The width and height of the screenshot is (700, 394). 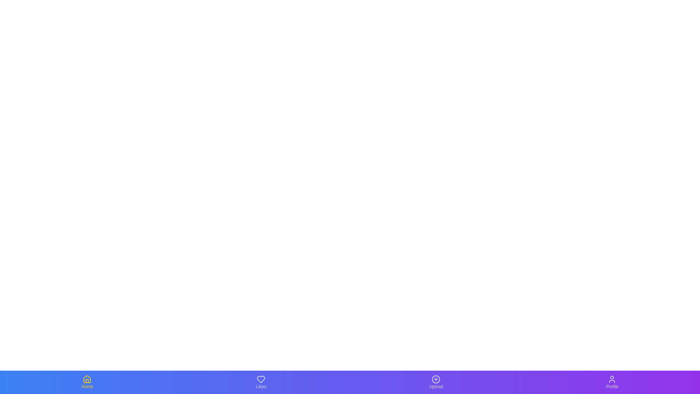 I want to click on the navigation icon for Home, so click(x=87, y=382).